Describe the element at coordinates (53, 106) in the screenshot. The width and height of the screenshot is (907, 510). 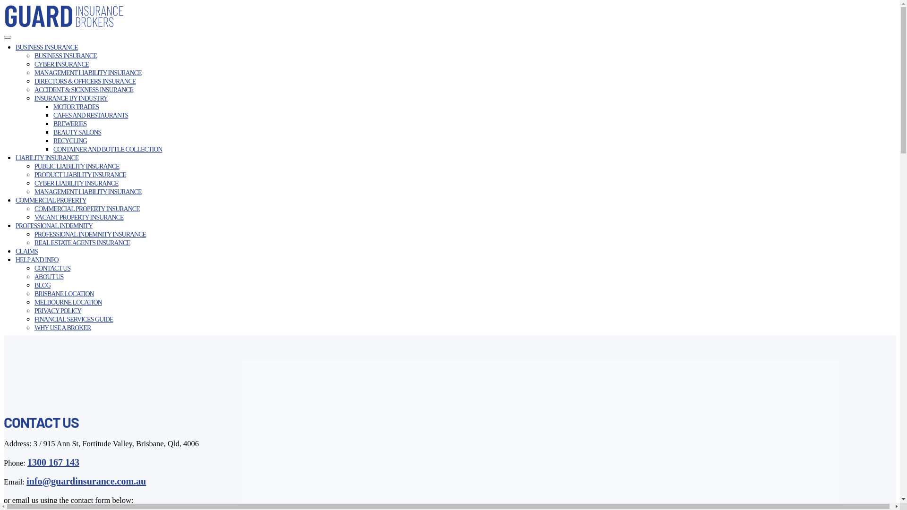
I see `'MOTOR TRADES'` at that location.